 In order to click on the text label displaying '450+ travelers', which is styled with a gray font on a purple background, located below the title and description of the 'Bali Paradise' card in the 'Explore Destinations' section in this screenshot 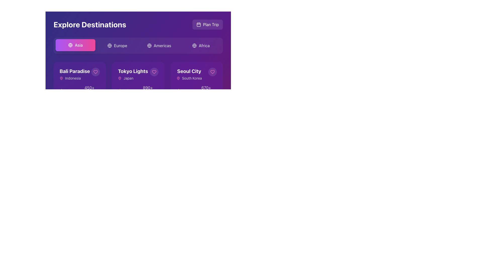, I will do `click(89, 91)`.